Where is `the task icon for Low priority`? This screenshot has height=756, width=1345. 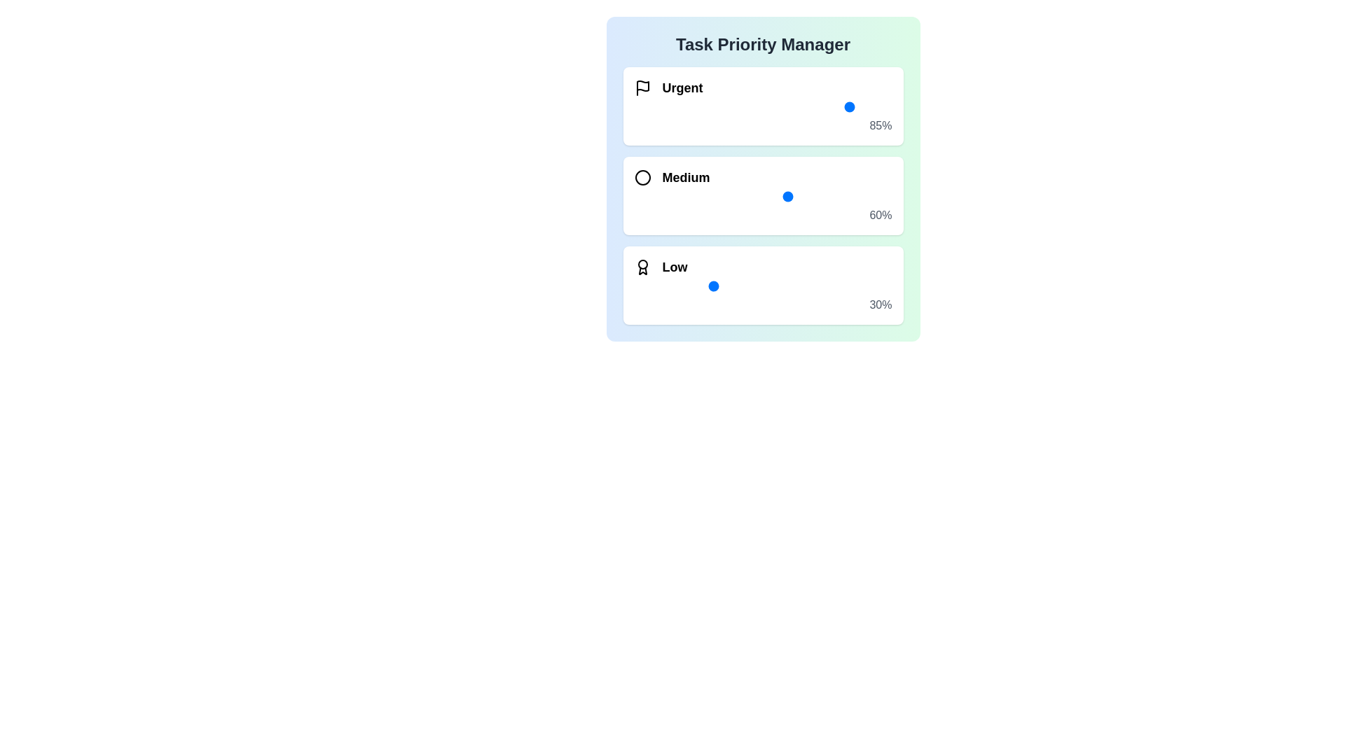
the task icon for Low priority is located at coordinates (642, 267).